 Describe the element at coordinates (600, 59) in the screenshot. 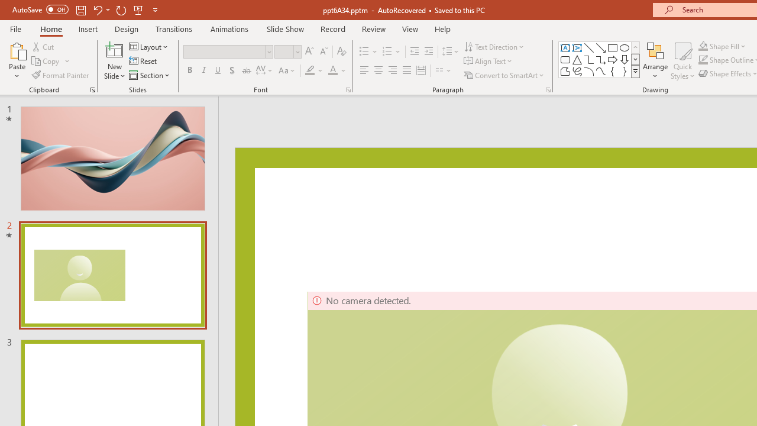

I see `'AutomationID: ShapesInsertGallery'` at that location.